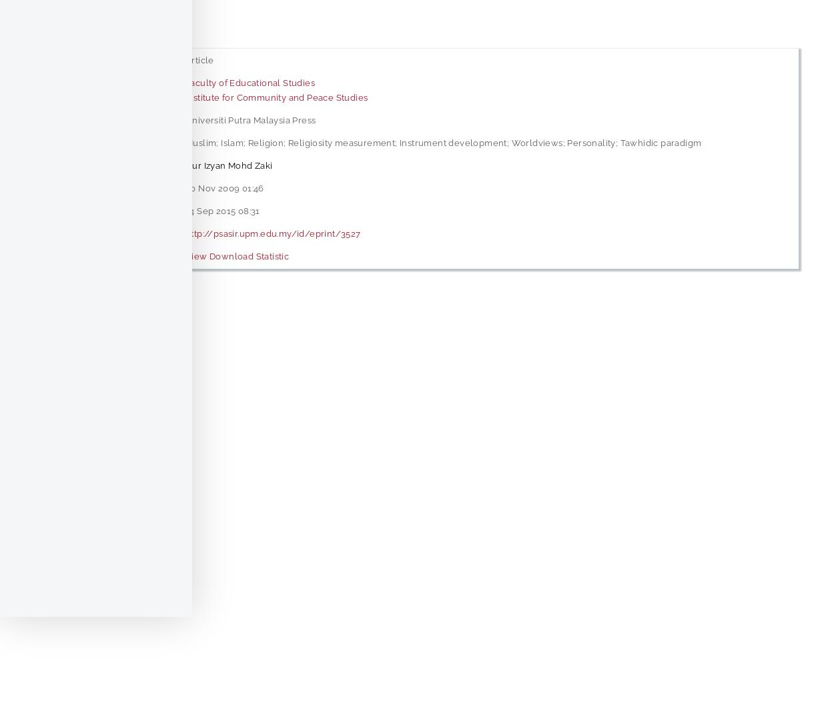 This screenshot has height=717, width=834. I want to click on 'Institute for Community and Peace Studies', so click(276, 96).